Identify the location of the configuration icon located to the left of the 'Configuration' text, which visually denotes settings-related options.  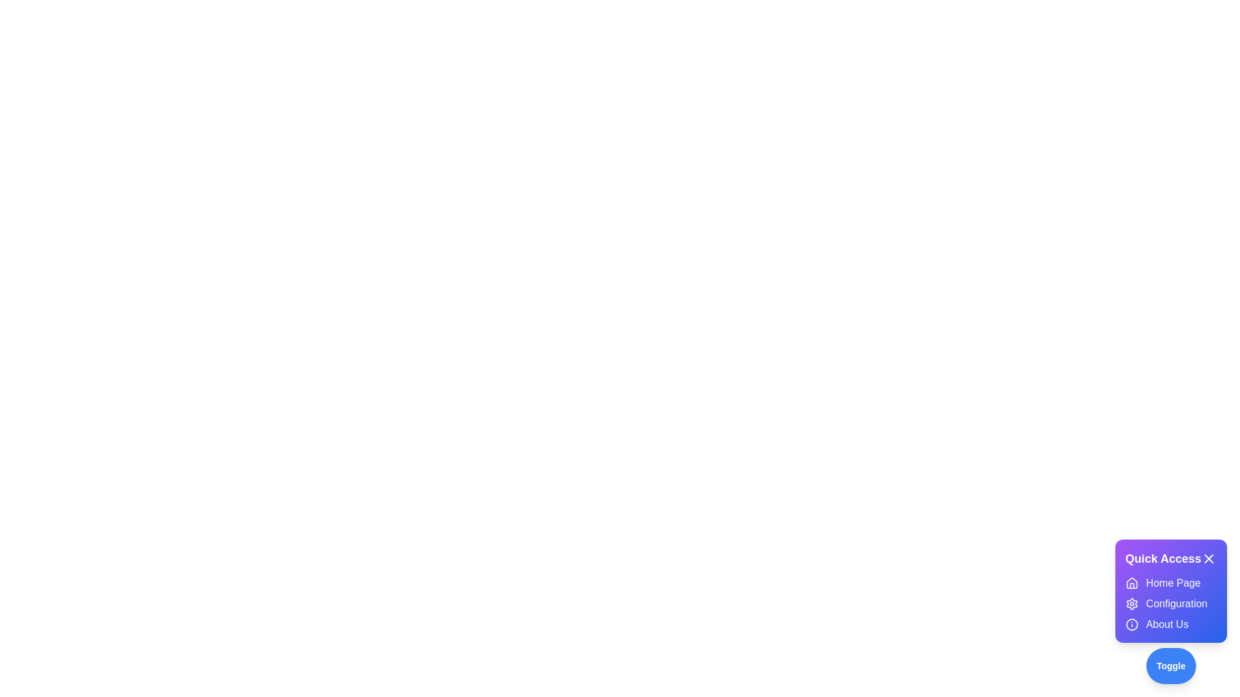
(1131, 604).